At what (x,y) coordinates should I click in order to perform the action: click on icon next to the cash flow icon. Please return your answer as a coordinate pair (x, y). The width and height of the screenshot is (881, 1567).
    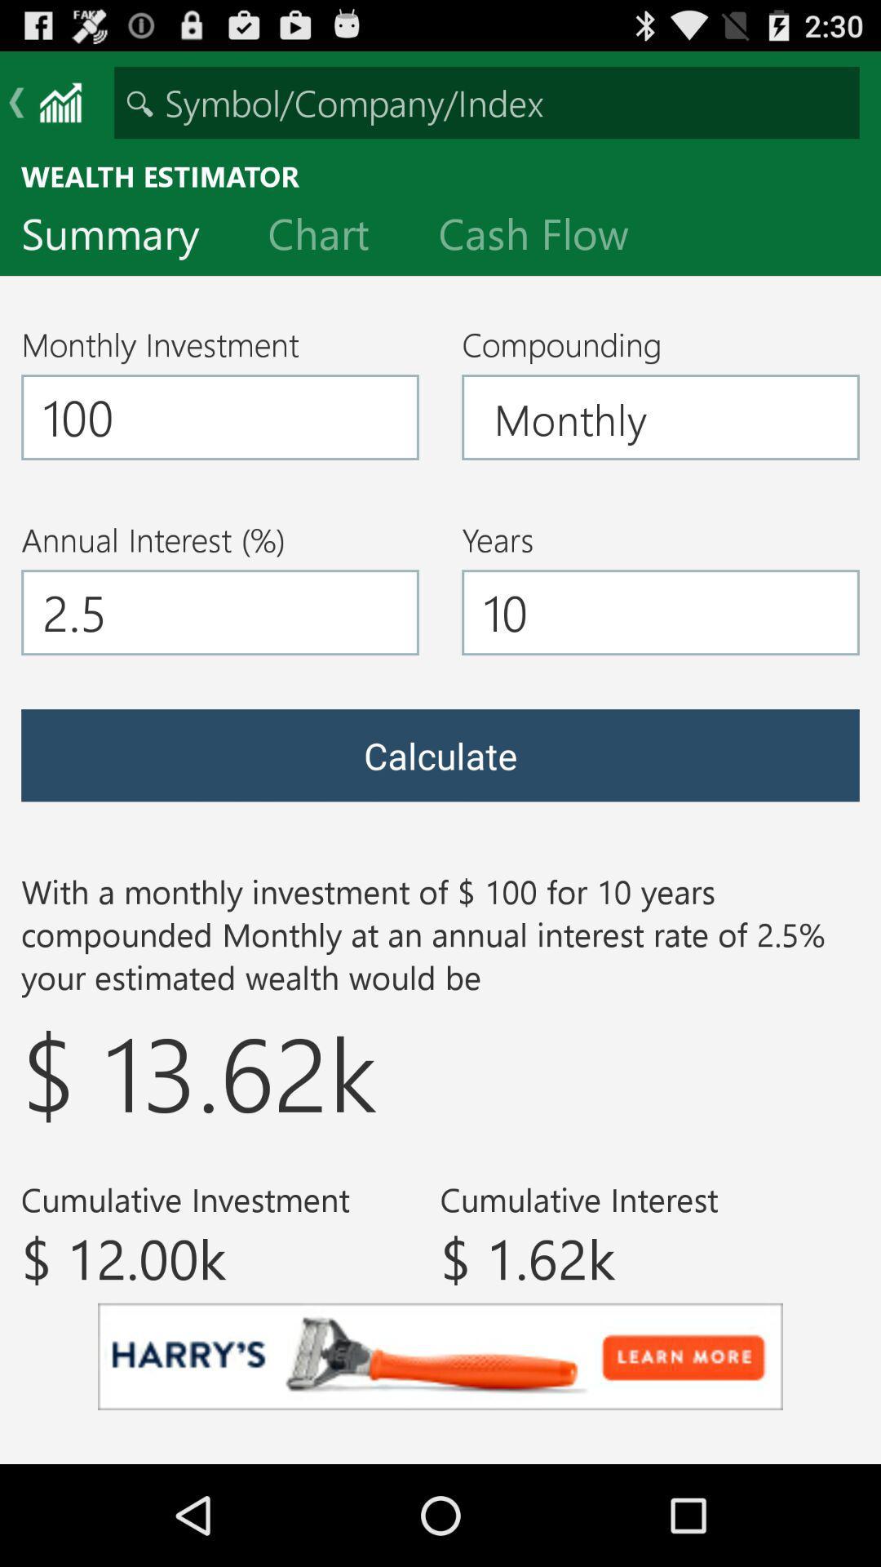
    Looking at the image, I should click on (330, 237).